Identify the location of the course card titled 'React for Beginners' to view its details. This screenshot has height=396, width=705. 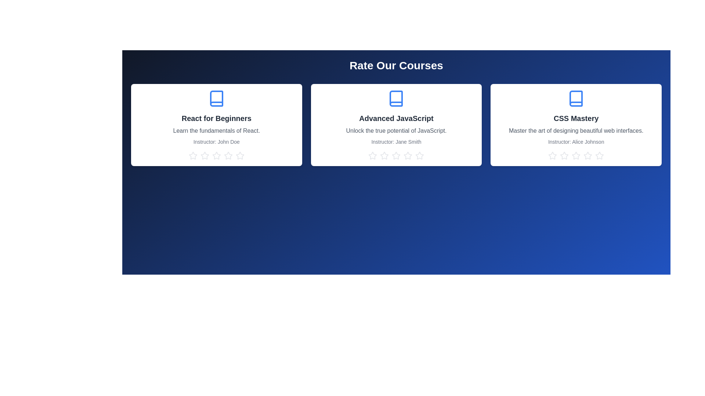
(216, 124).